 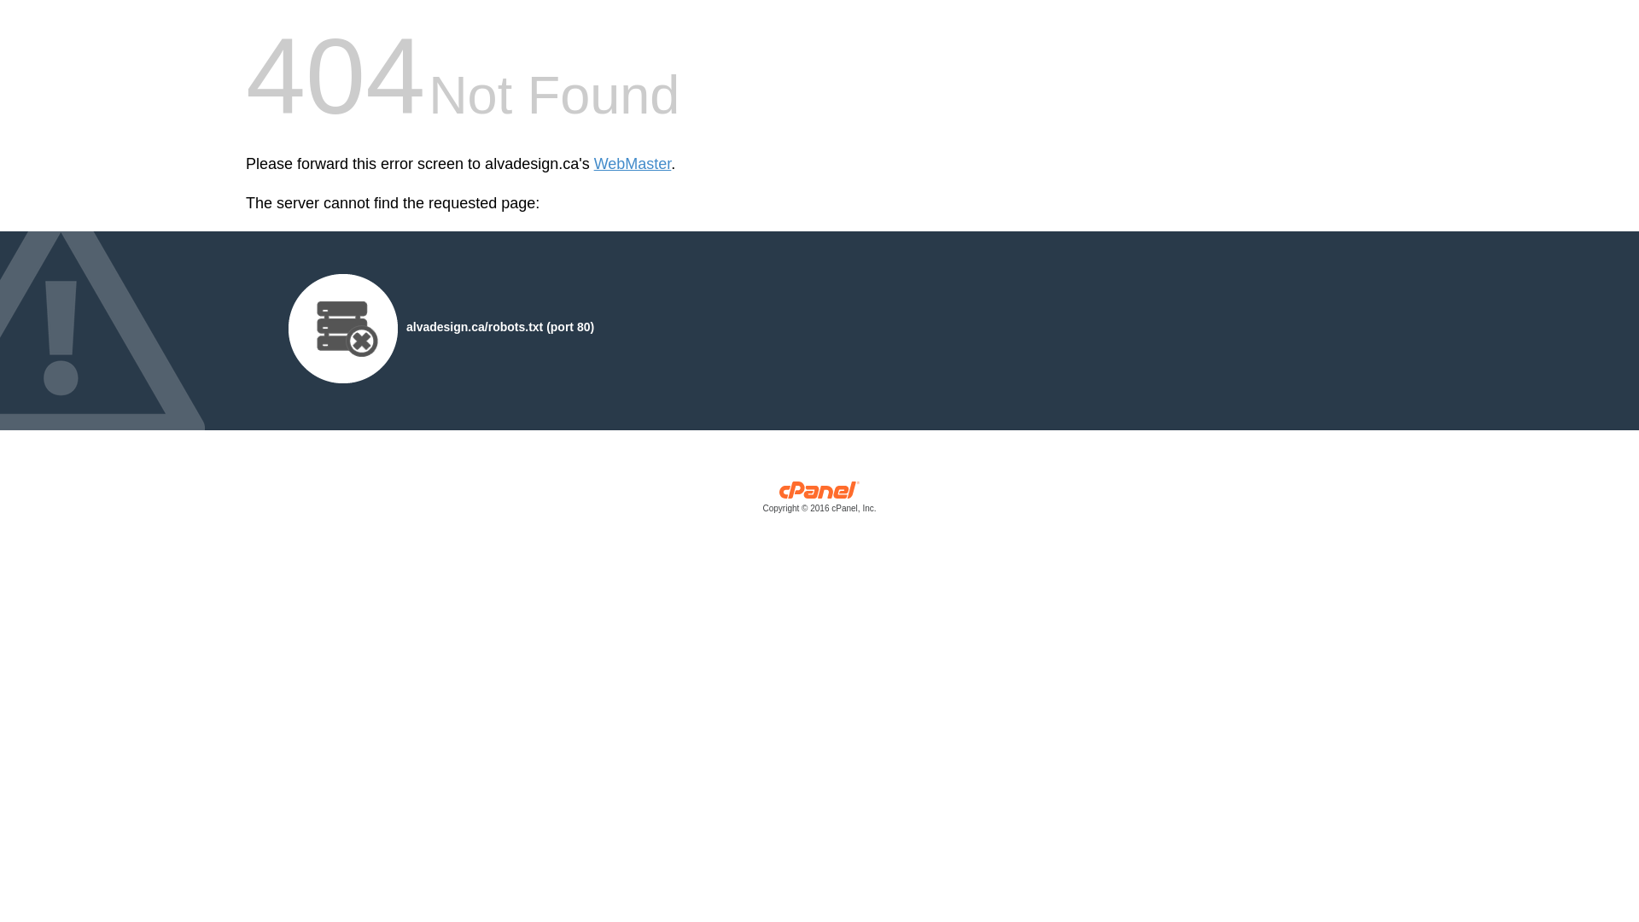 I want to click on 'WebMaster', so click(x=632, y=164).